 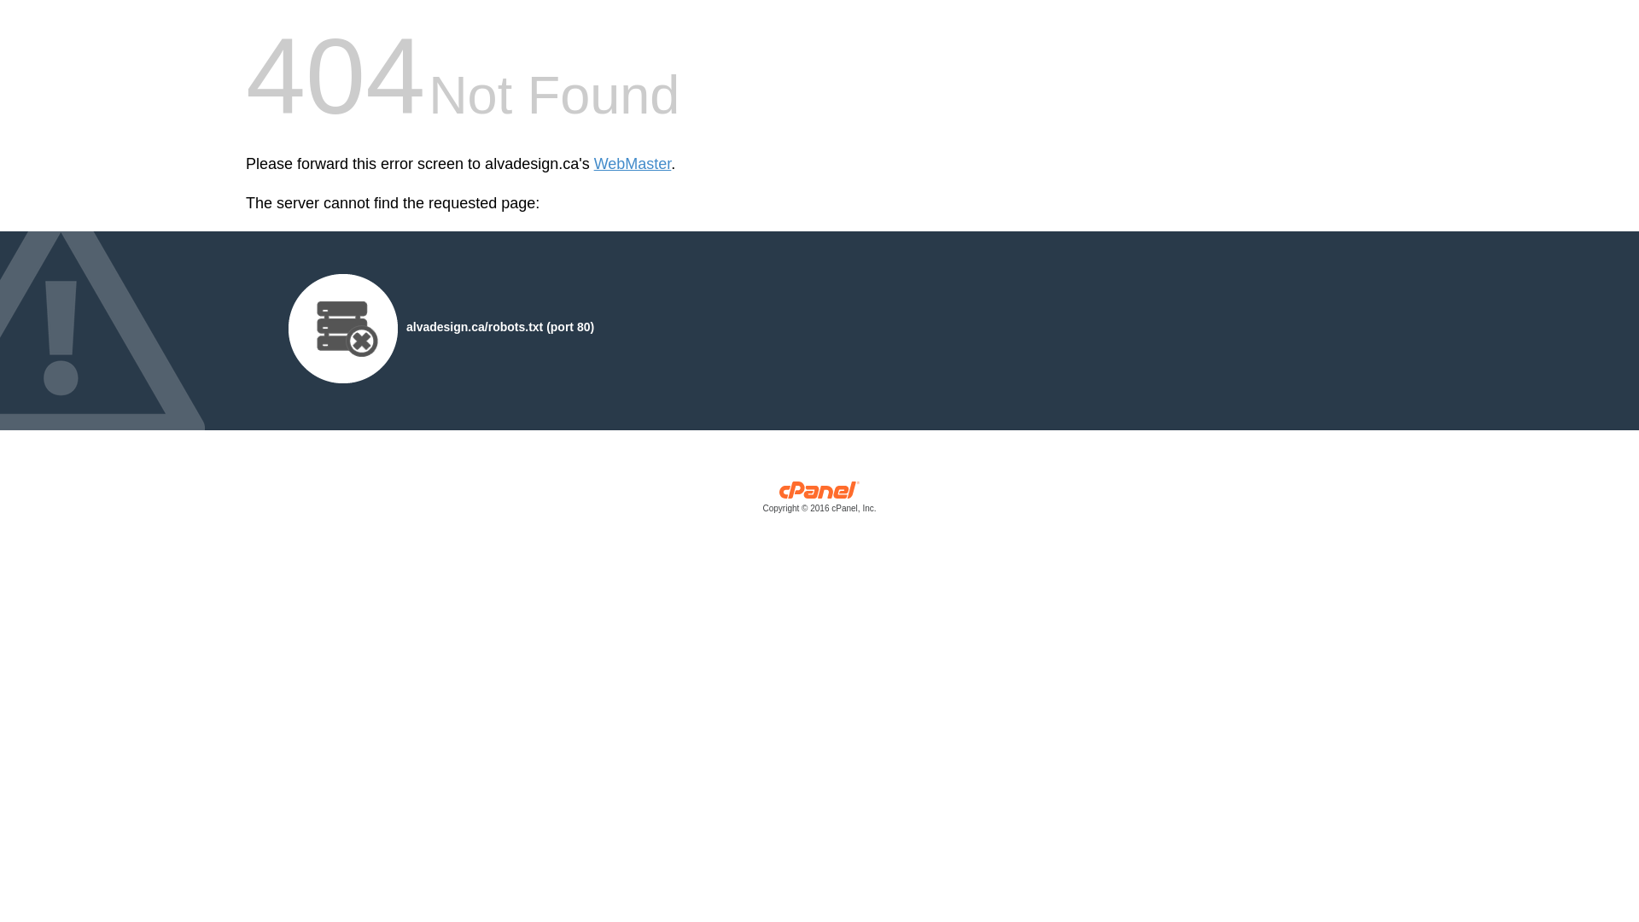 I want to click on 'WebMaster', so click(x=632, y=164).